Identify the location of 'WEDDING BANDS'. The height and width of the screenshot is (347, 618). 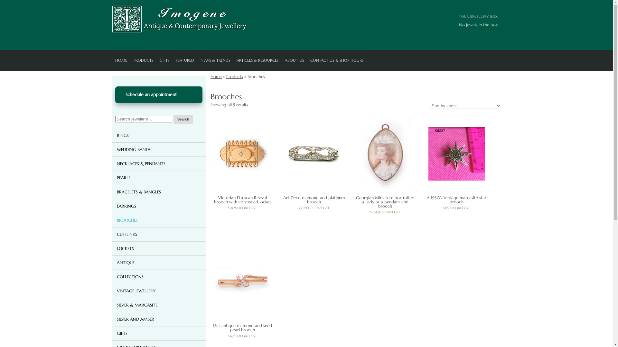
(159, 149).